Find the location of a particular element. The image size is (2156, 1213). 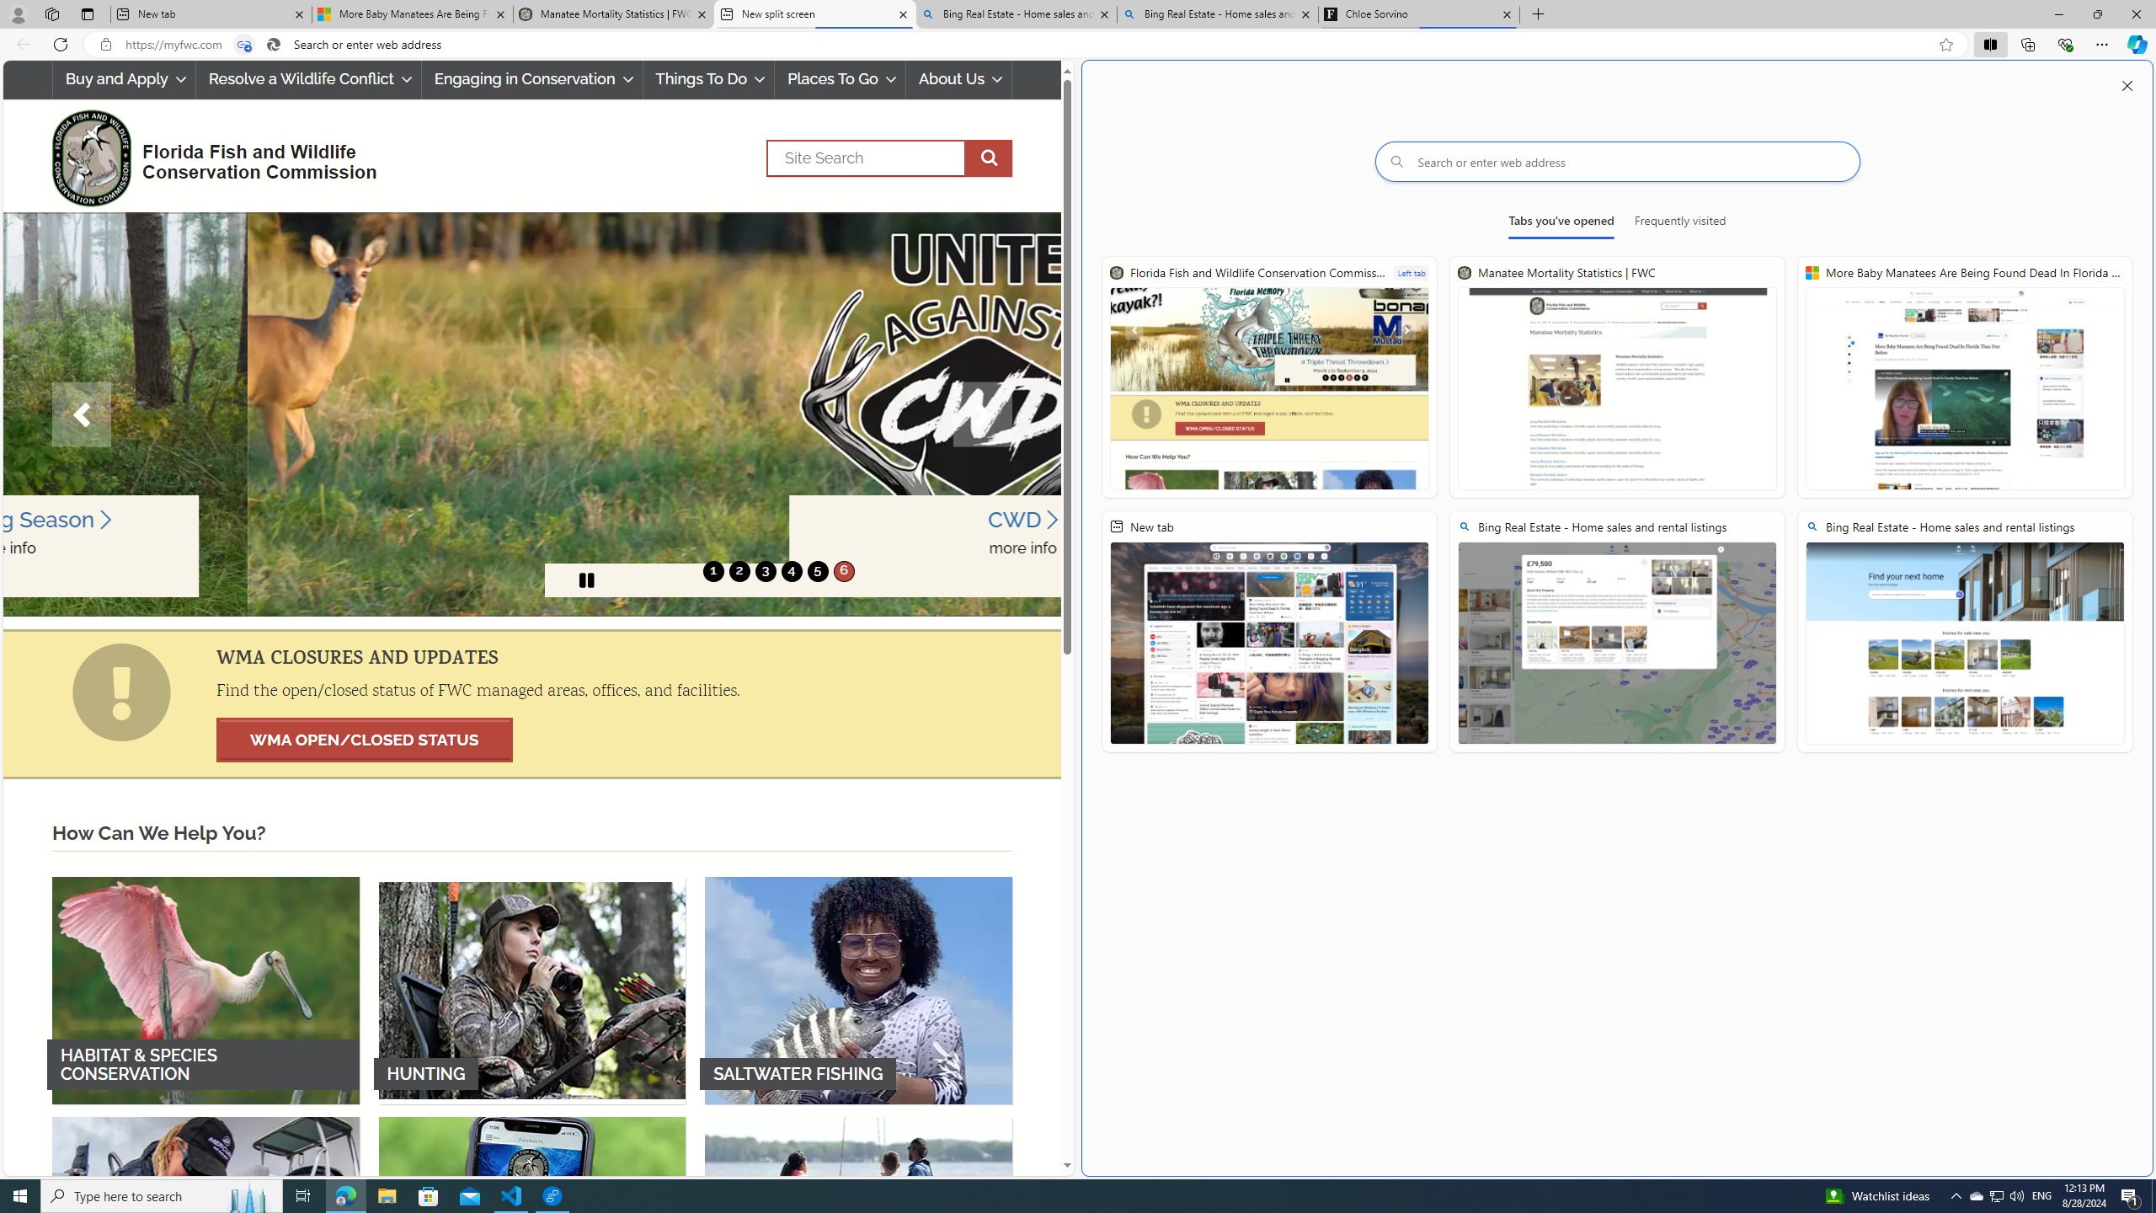

'SALTWATER FISHING' is located at coordinates (858, 990).